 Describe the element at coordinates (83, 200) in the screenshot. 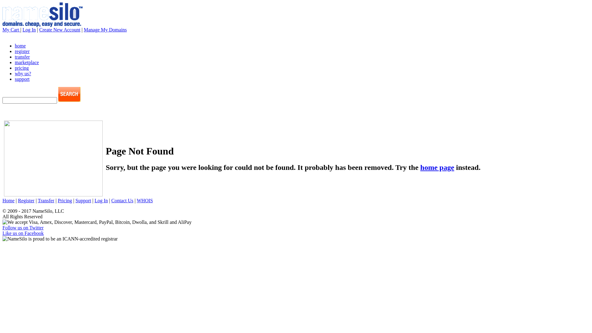

I see `'Support'` at that location.